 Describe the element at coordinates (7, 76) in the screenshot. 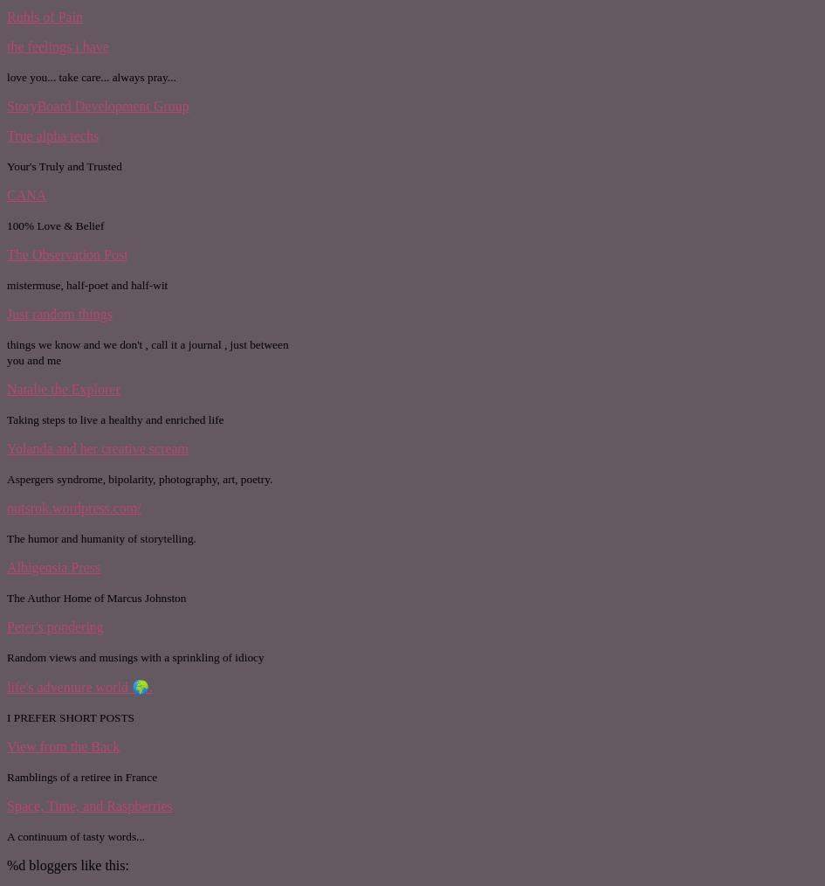

I see `'love you... take care... always pray...'` at that location.